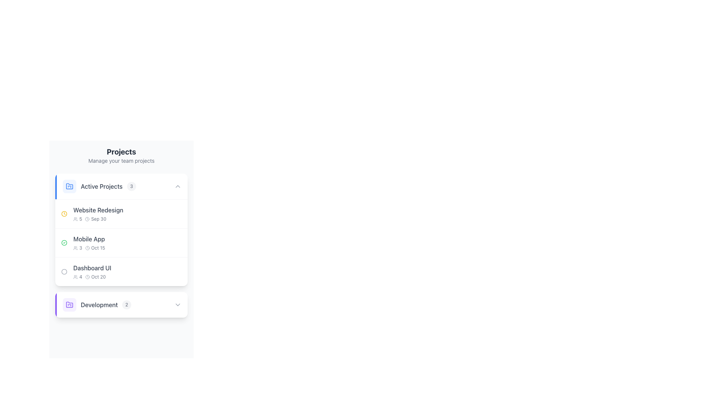  What do you see at coordinates (89, 248) in the screenshot?
I see `displayed information from the metadata indicator for the 'Mobile App' project located in the second item of the 'Active Projects' list` at bounding box center [89, 248].